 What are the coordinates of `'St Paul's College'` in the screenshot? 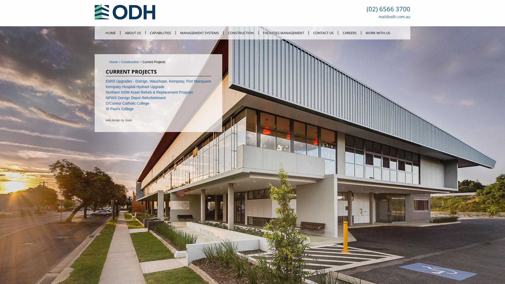 It's located at (119, 108).